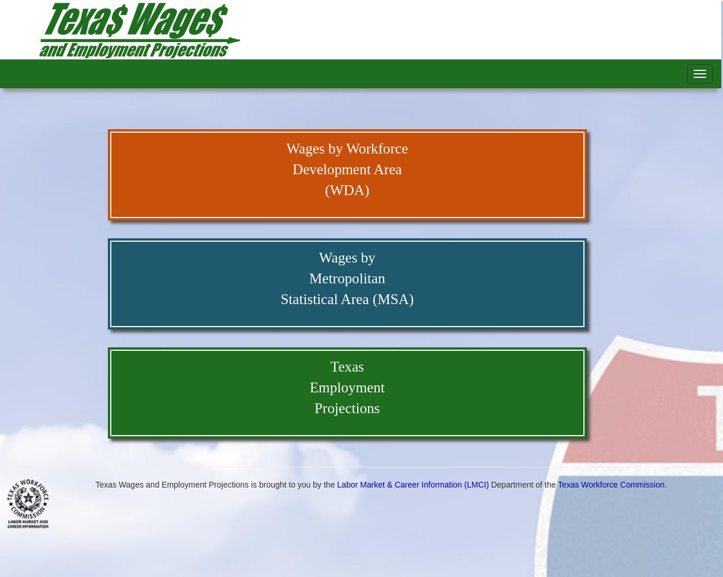 The height and width of the screenshot is (577, 723). Describe the element at coordinates (285, 148) in the screenshot. I see `'Wages by Workforce'` at that location.